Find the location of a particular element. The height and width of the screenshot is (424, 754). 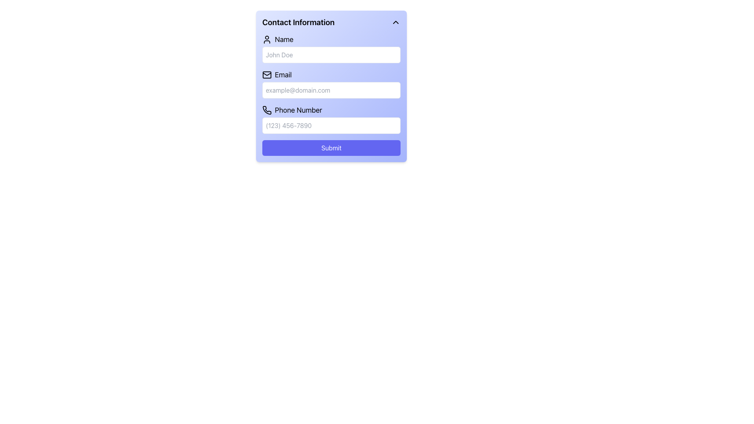

the Submit button located at the bottom of the vertical form layout is located at coordinates (331, 148).